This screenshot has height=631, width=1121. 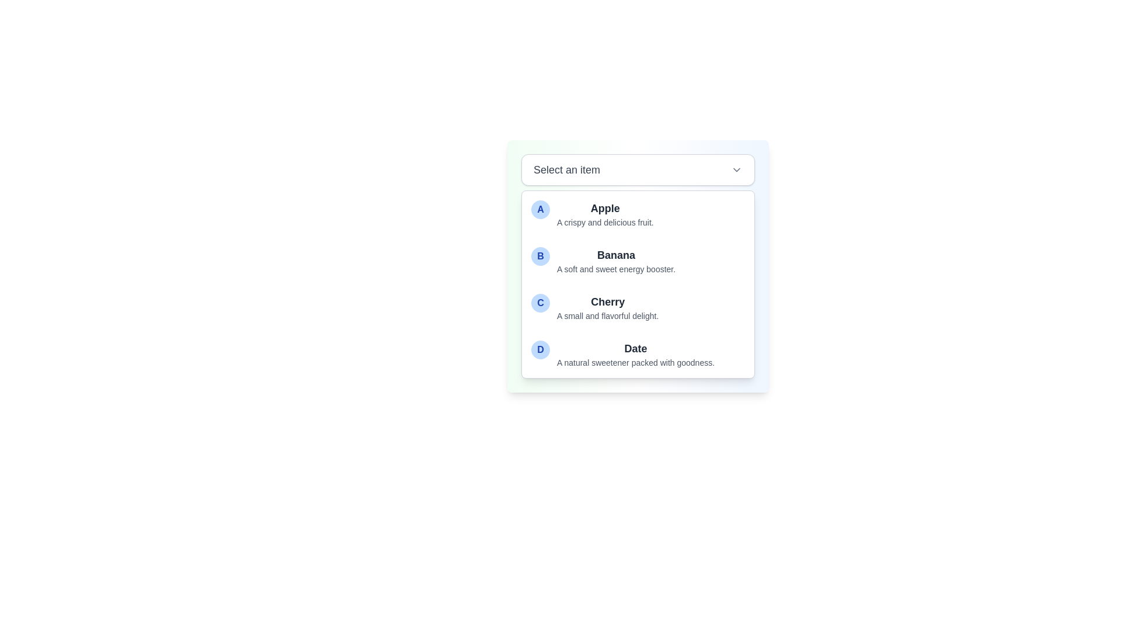 What do you see at coordinates (540, 256) in the screenshot?
I see `the Circular Badge on the left side of the list item labeled 'Banana'` at bounding box center [540, 256].